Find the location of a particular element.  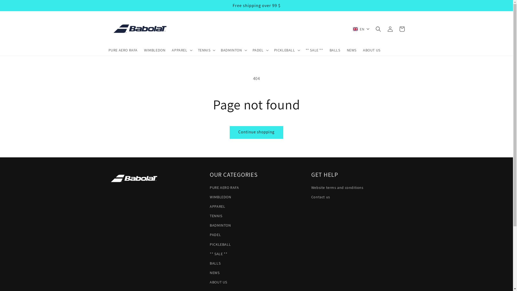

'PURE AERO RAFA' is located at coordinates (123, 50).